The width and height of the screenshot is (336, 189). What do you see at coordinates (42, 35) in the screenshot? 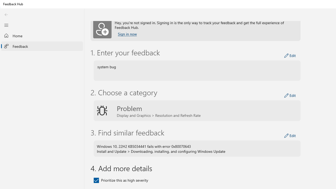
I see `'Home'` at bounding box center [42, 35].